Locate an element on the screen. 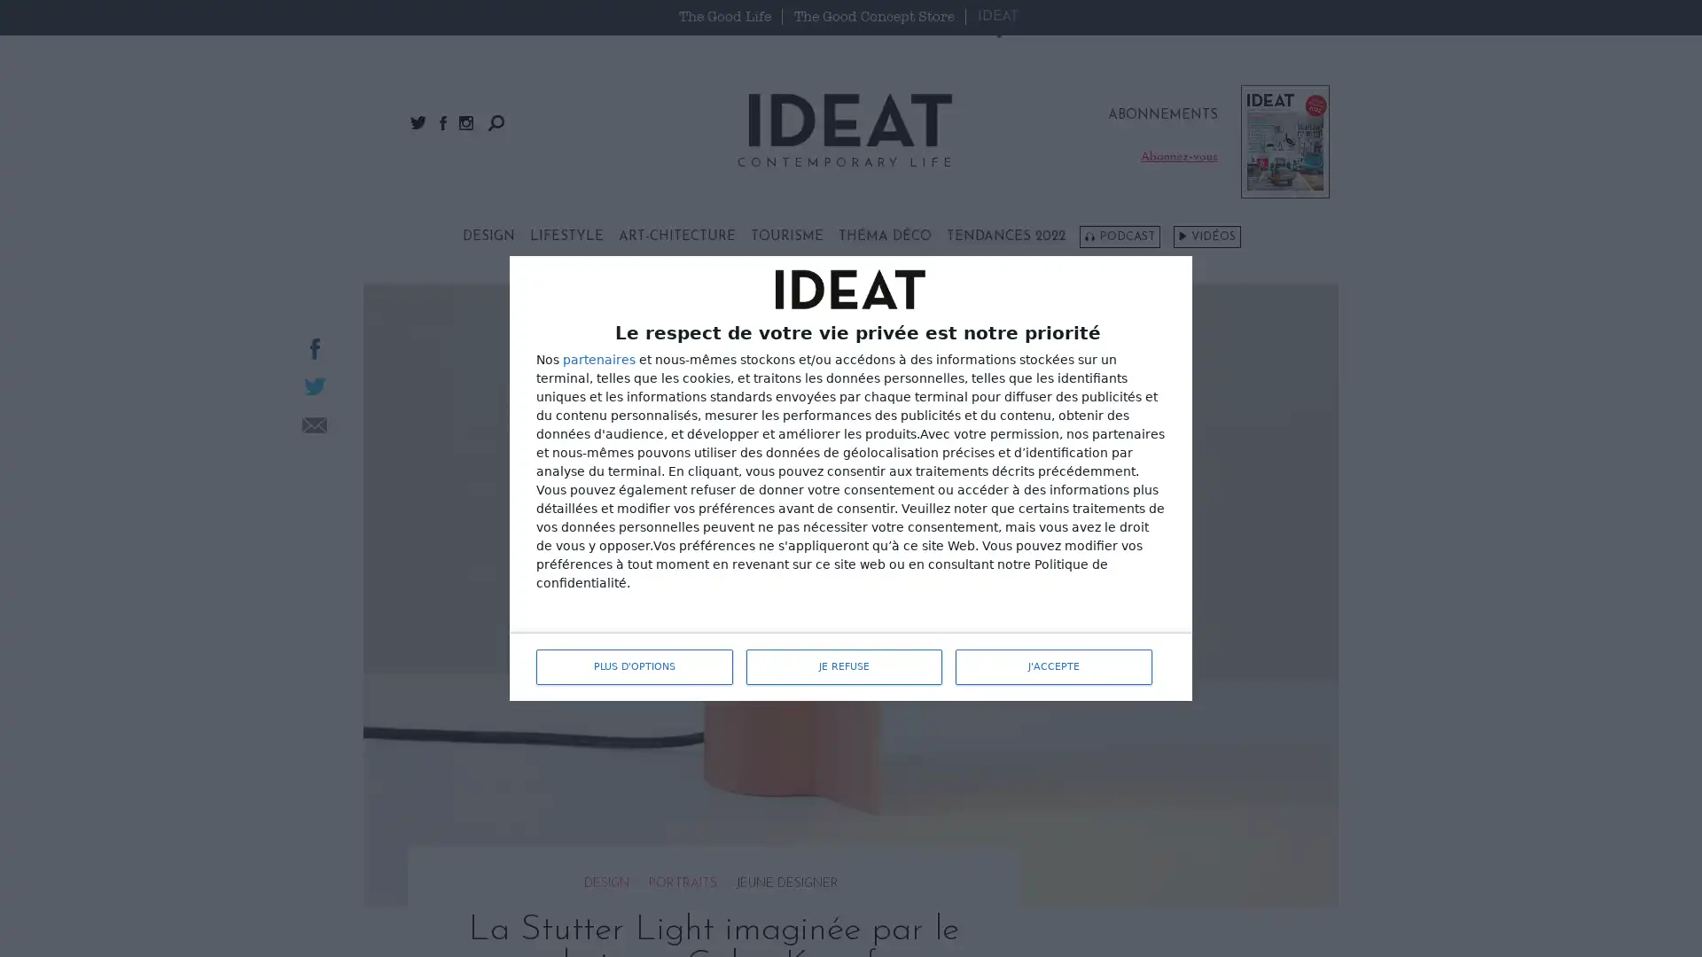  J'ACCEPTE is located at coordinates (1054, 666).